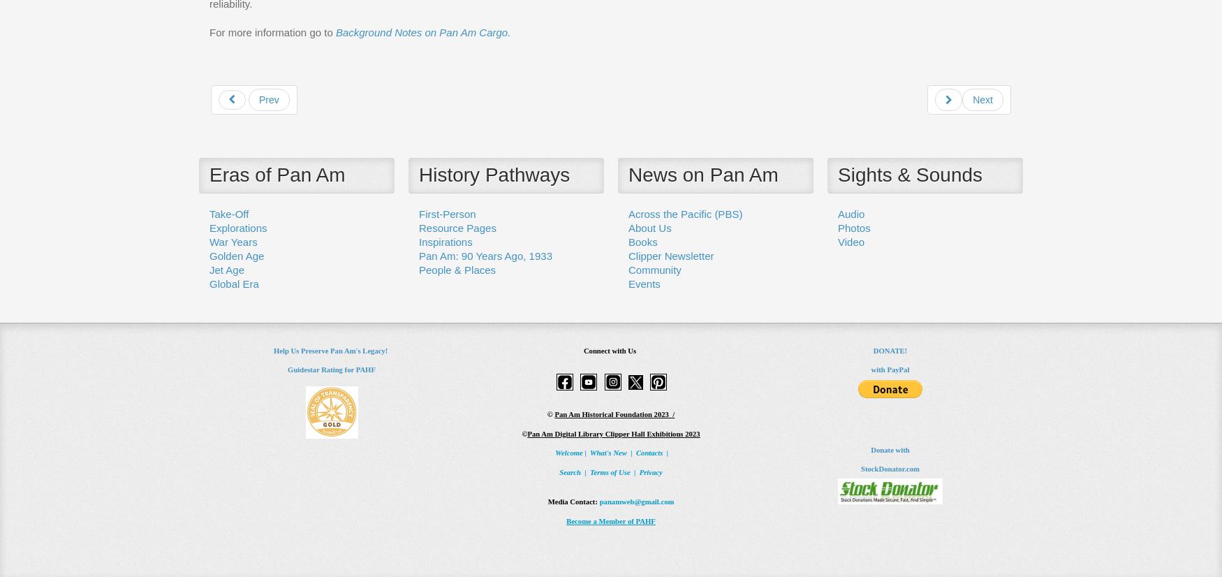  I want to click on 'with PayPal', so click(889, 369).